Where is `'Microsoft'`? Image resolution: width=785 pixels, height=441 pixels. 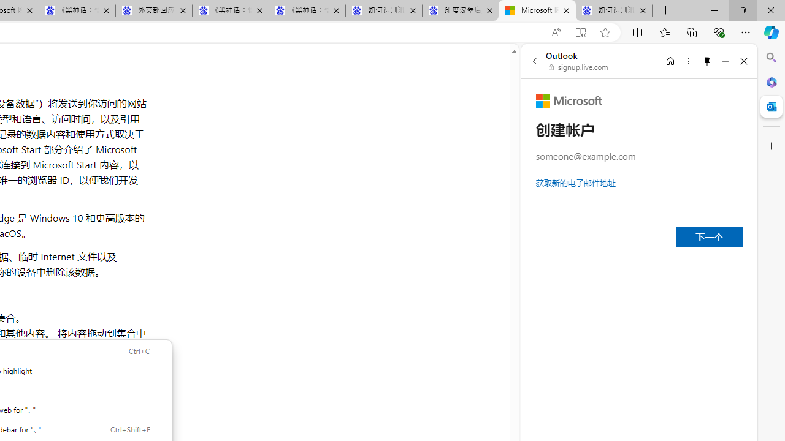
'Microsoft' is located at coordinates (569, 100).